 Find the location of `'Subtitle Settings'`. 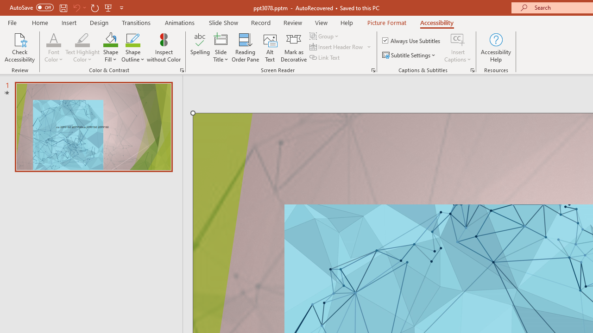

'Subtitle Settings' is located at coordinates (409, 55).